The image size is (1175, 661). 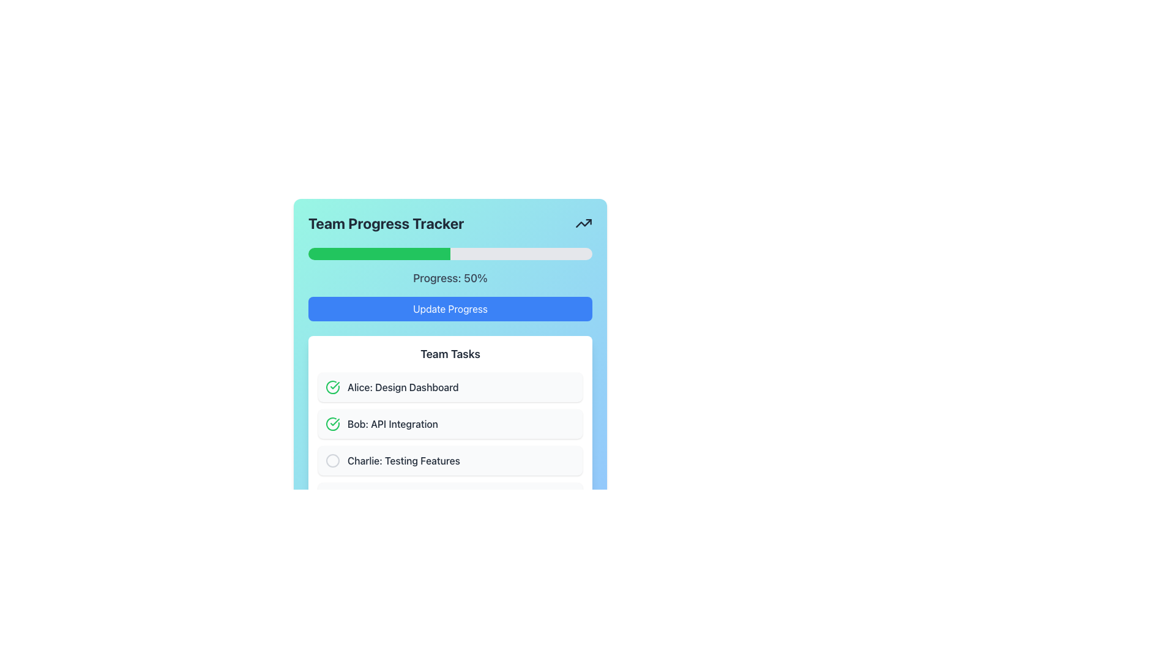 I want to click on the upward trending arrow icon with a rounded tip, styled in dark gray, located in the top-right corner of the 'Team Progress Tracker' header, so click(x=583, y=223).